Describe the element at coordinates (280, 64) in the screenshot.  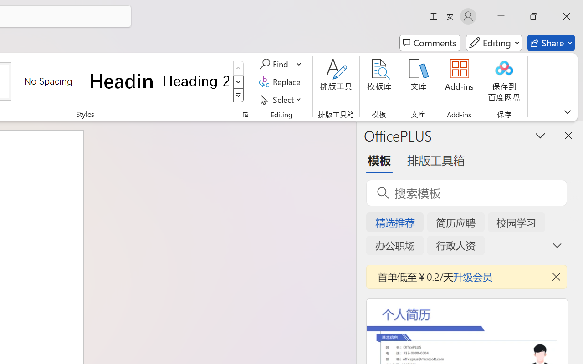
I see `'Find'` at that location.